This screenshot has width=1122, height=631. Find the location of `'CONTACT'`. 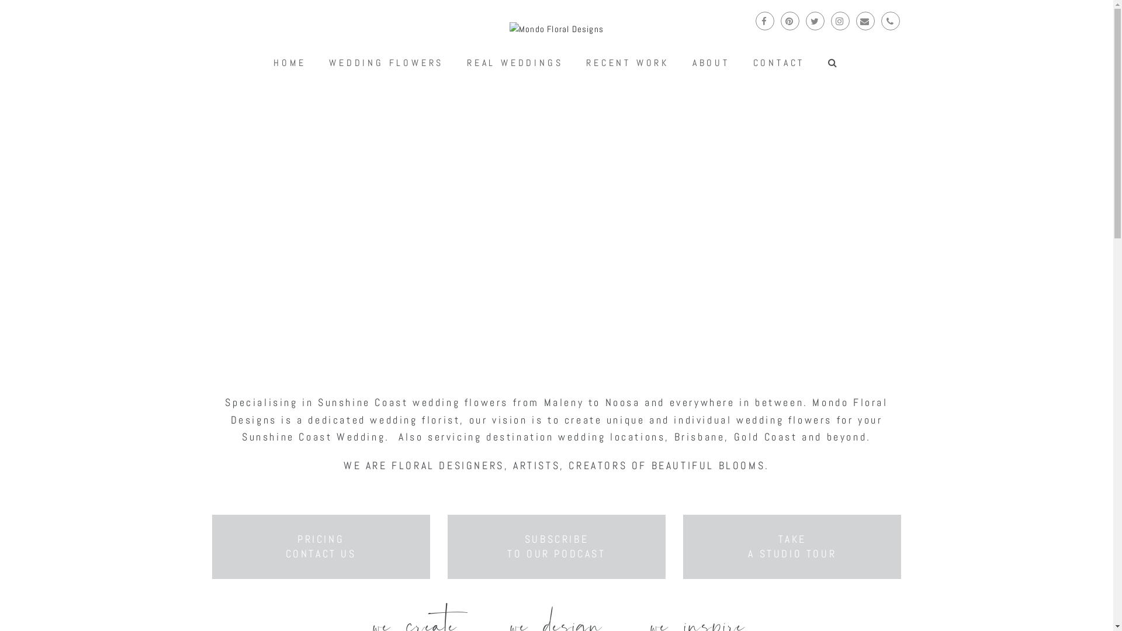

'CONTACT' is located at coordinates (742, 63).